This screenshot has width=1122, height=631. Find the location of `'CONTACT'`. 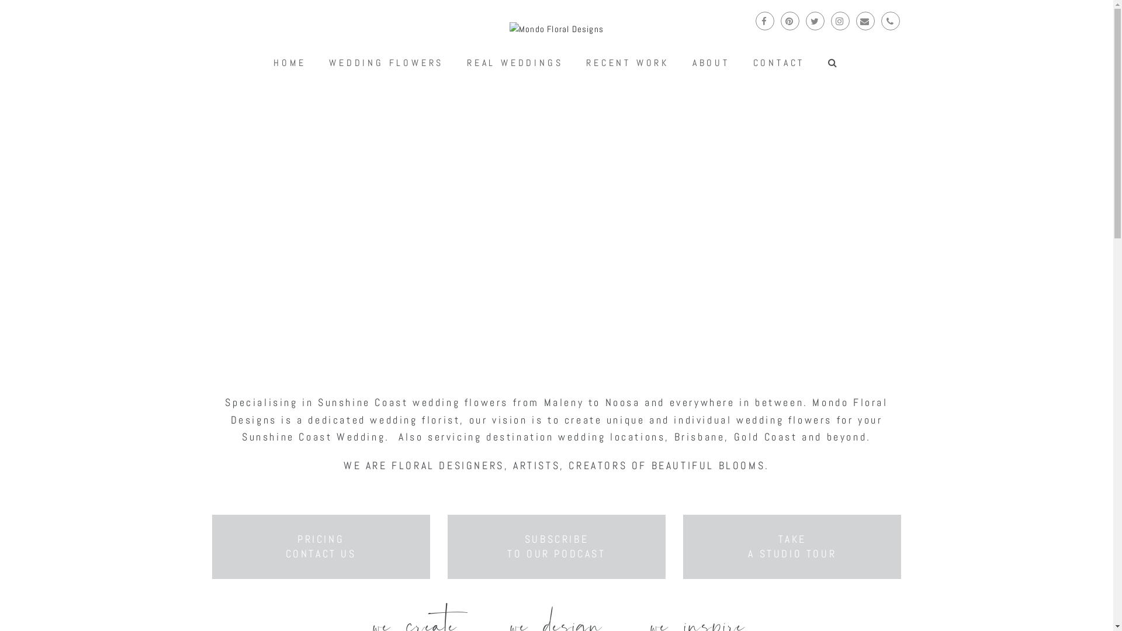

'CONTACT' is located at coordinates (742, 63).